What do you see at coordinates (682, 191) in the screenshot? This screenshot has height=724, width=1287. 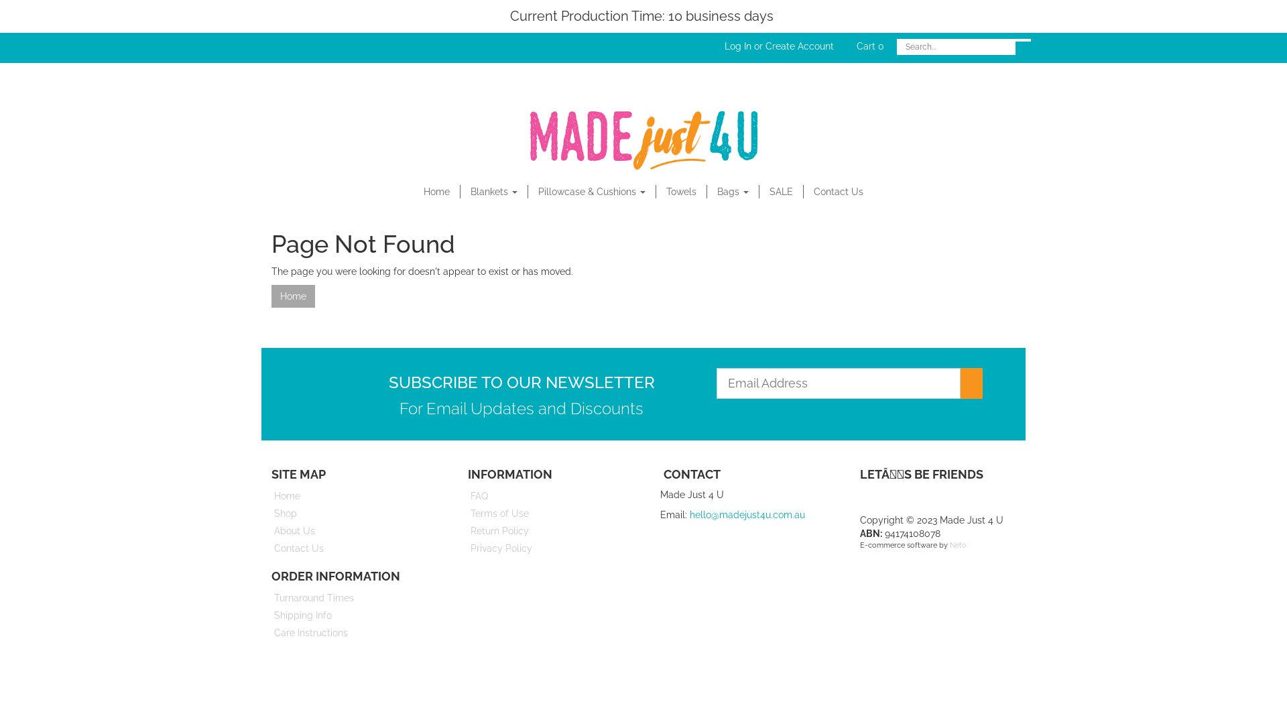 I see `'Towels'` at bounding box center [682, 191].